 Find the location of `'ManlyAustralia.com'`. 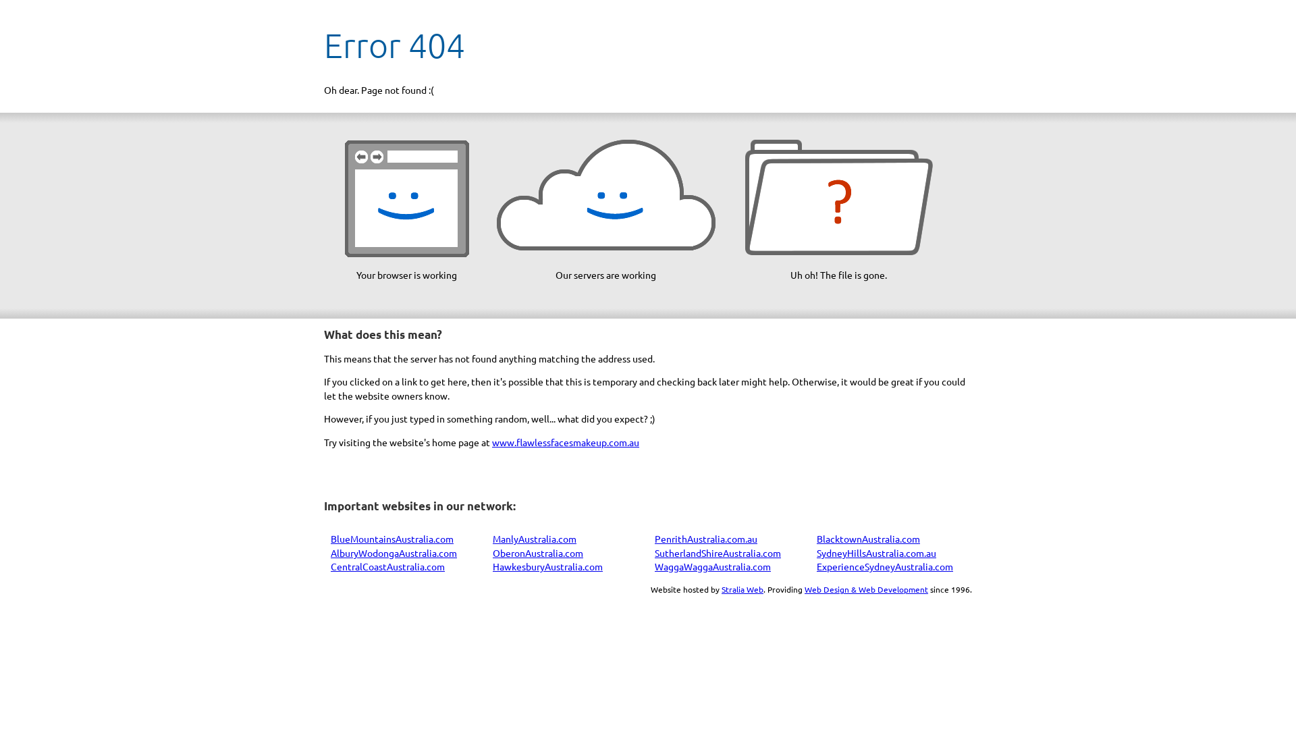

'ManlyAustralia.com' is located at coordinates (534, 538).